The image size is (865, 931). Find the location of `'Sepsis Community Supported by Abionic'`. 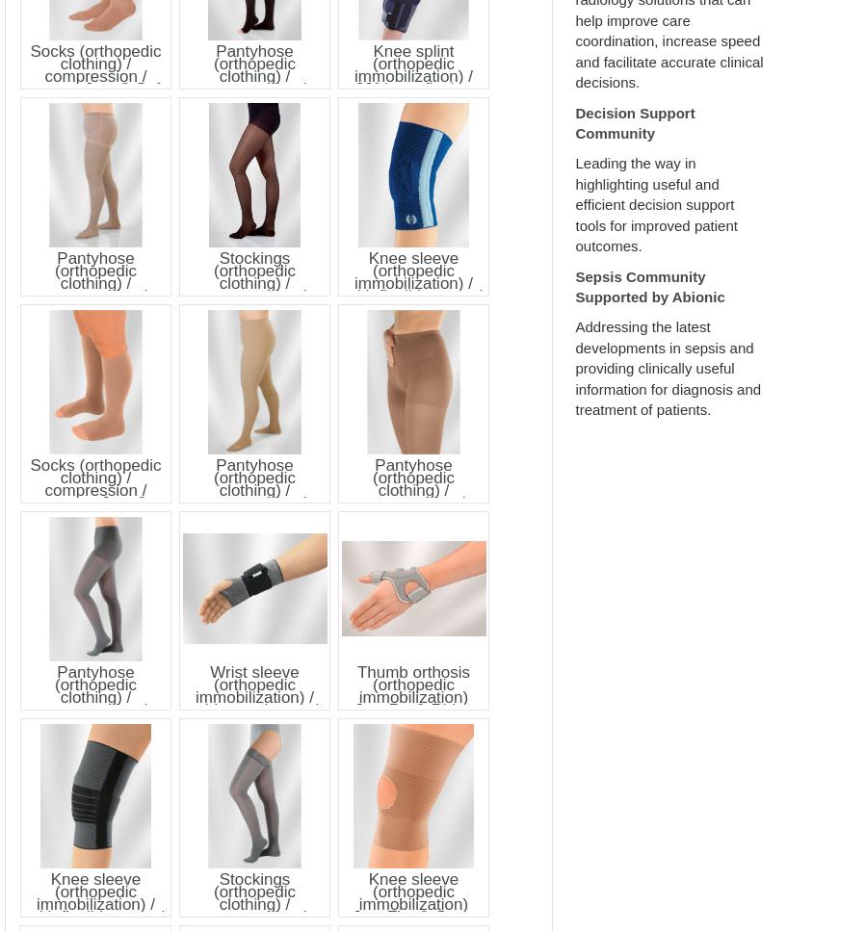

'Sepsis Community Supported by Abionic' is located at coordinates (649, 284).